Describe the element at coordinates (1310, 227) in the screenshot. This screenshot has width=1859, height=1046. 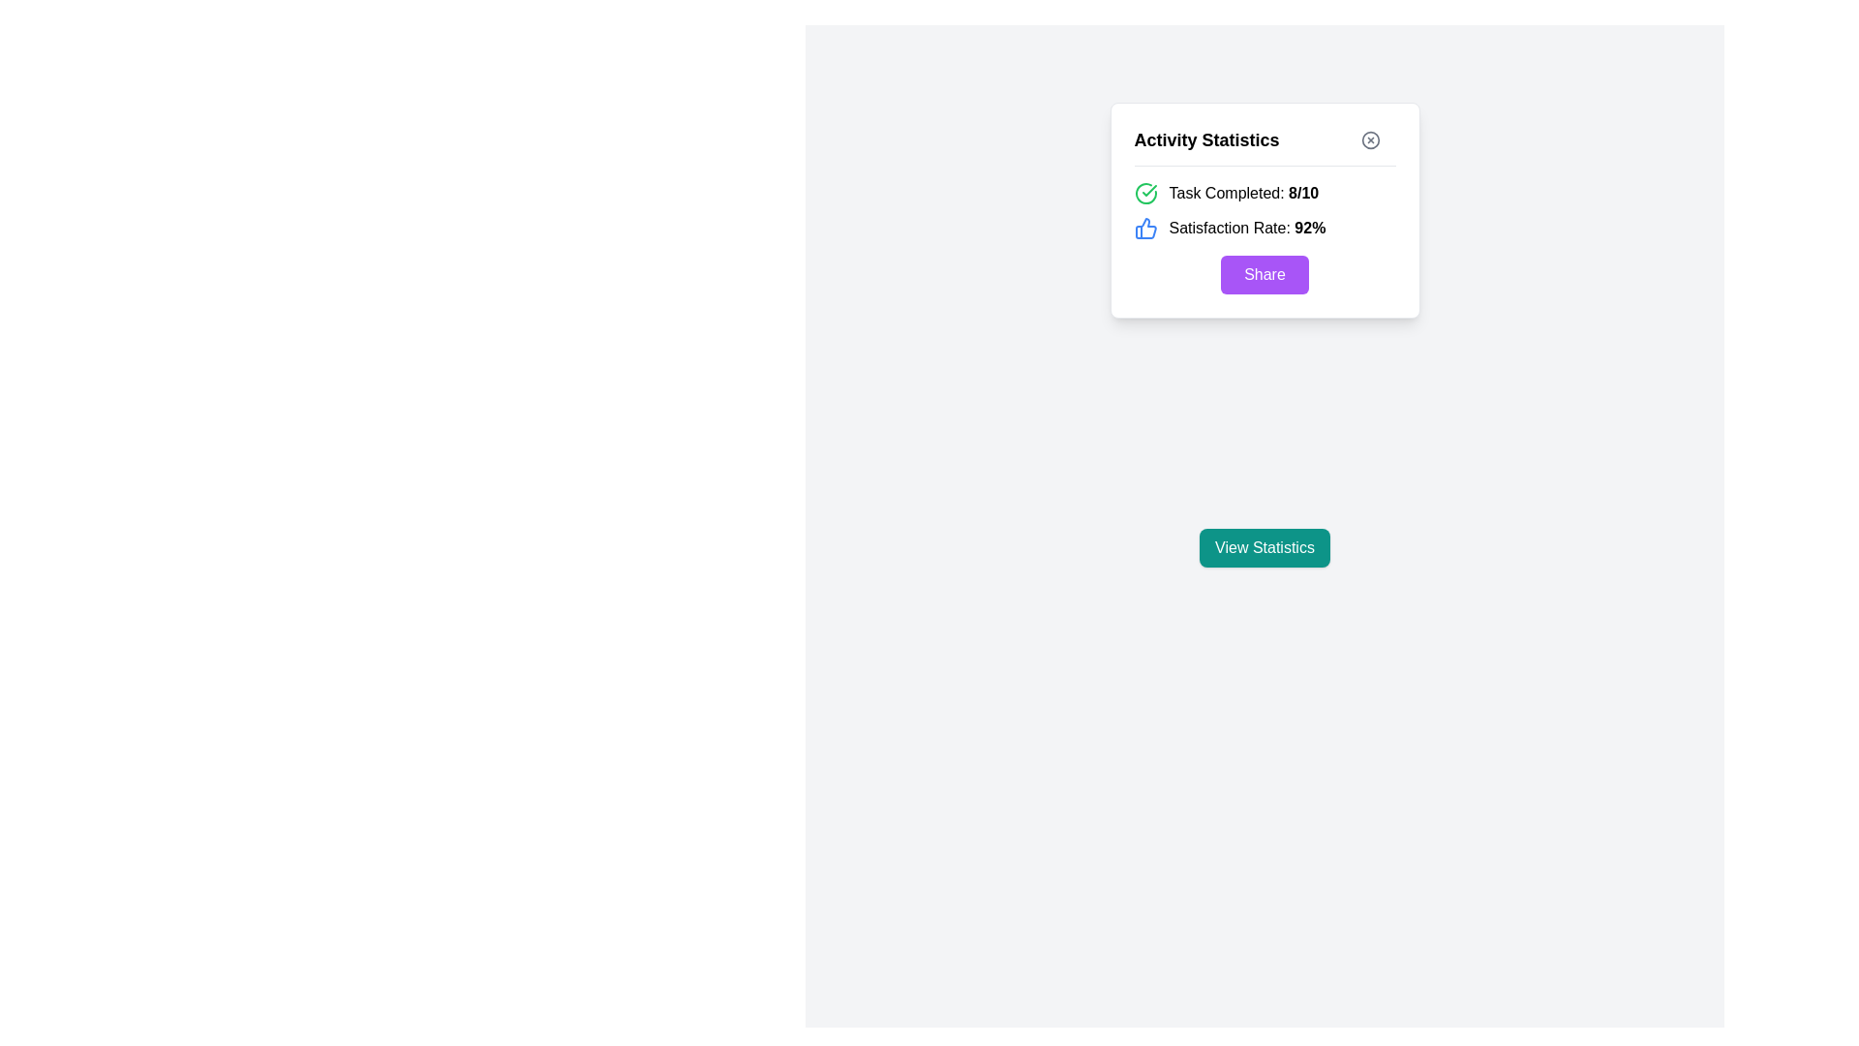
I see `the text label that displays the satisfaction rate percentage, located to the right of 'Satisfaction Rate:' within the 'Activity Statistics' card` at that location.